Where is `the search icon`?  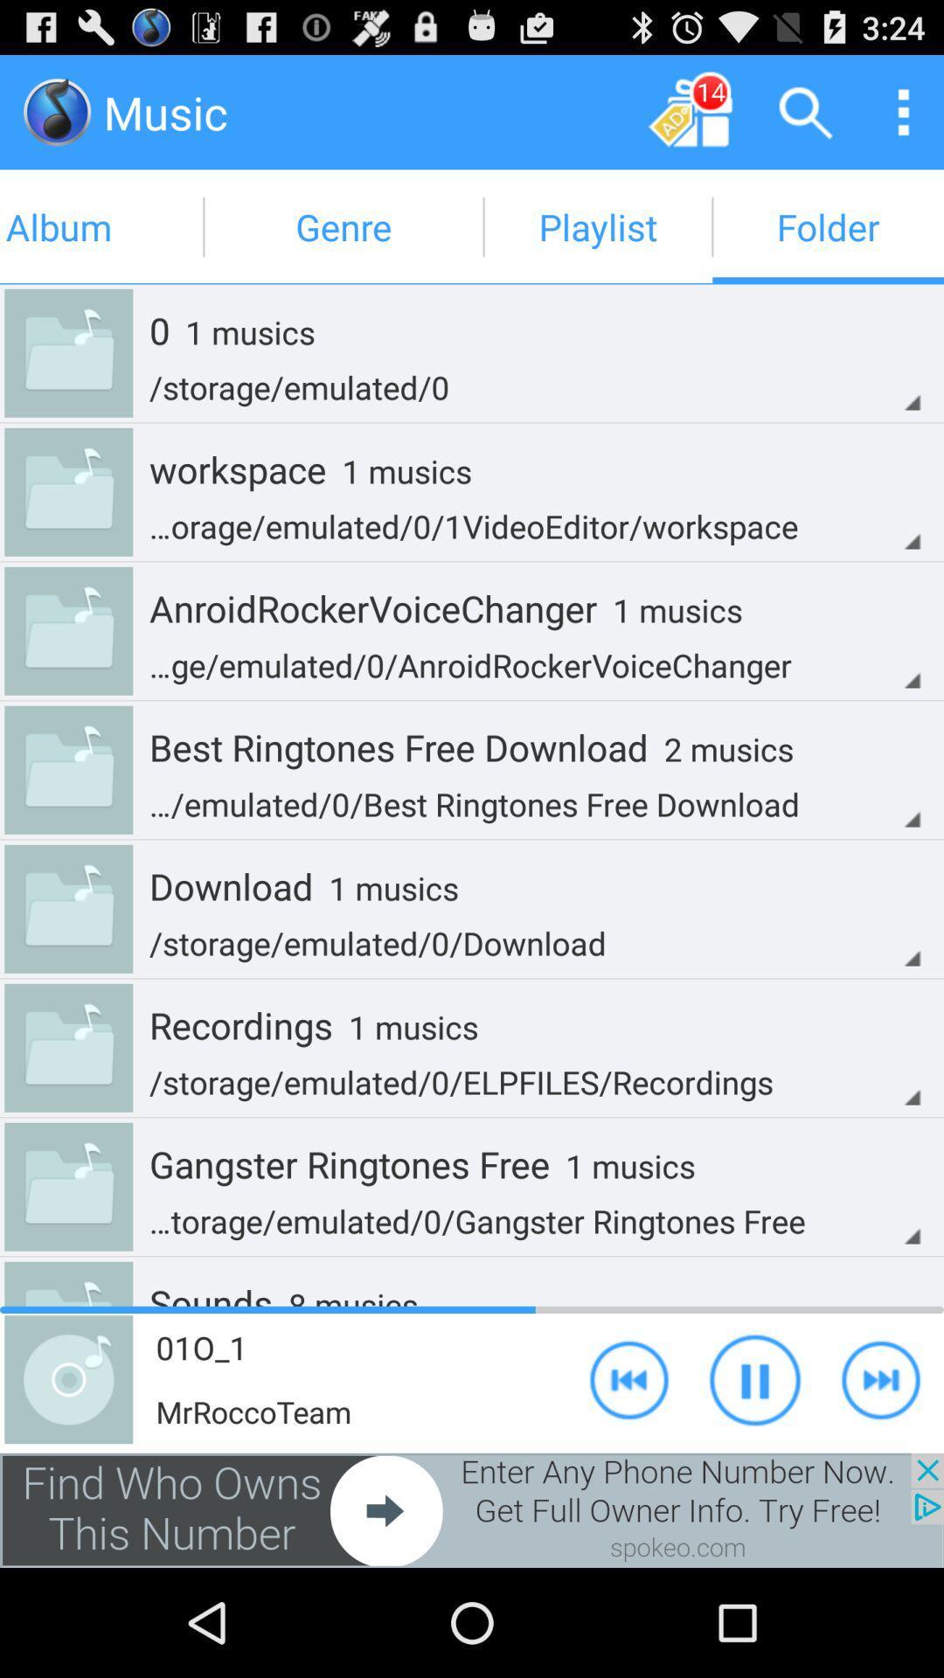
the search icon is located at coordinates (806, 119).